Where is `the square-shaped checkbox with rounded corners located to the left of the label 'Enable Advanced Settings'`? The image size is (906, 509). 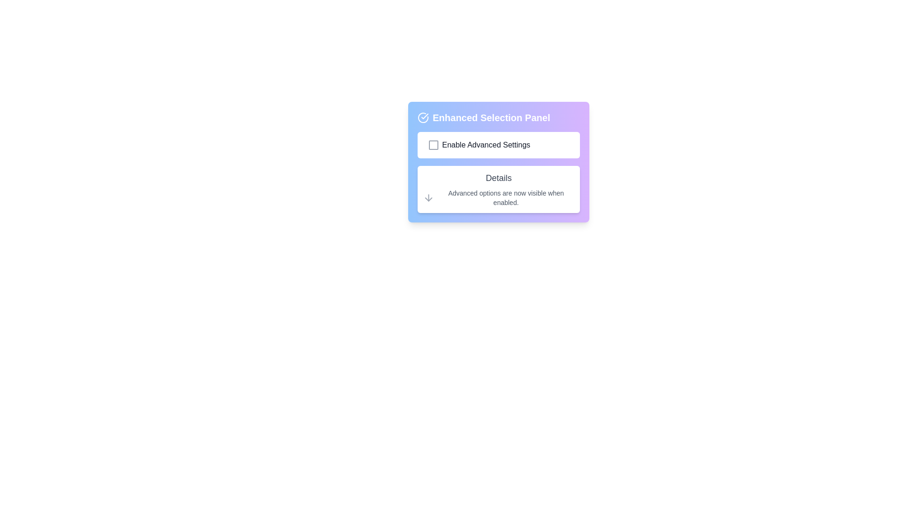
the square-shaped checkbox with rounded corners located to the left of the label 'Enable Advanced Settings' is located at coordinates (433, 145).